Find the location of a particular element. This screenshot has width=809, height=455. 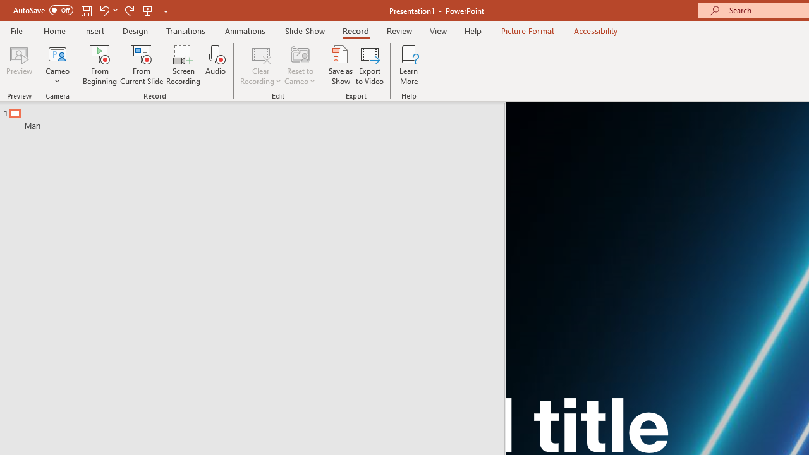

'Help' is located at coordinates (472, 30).